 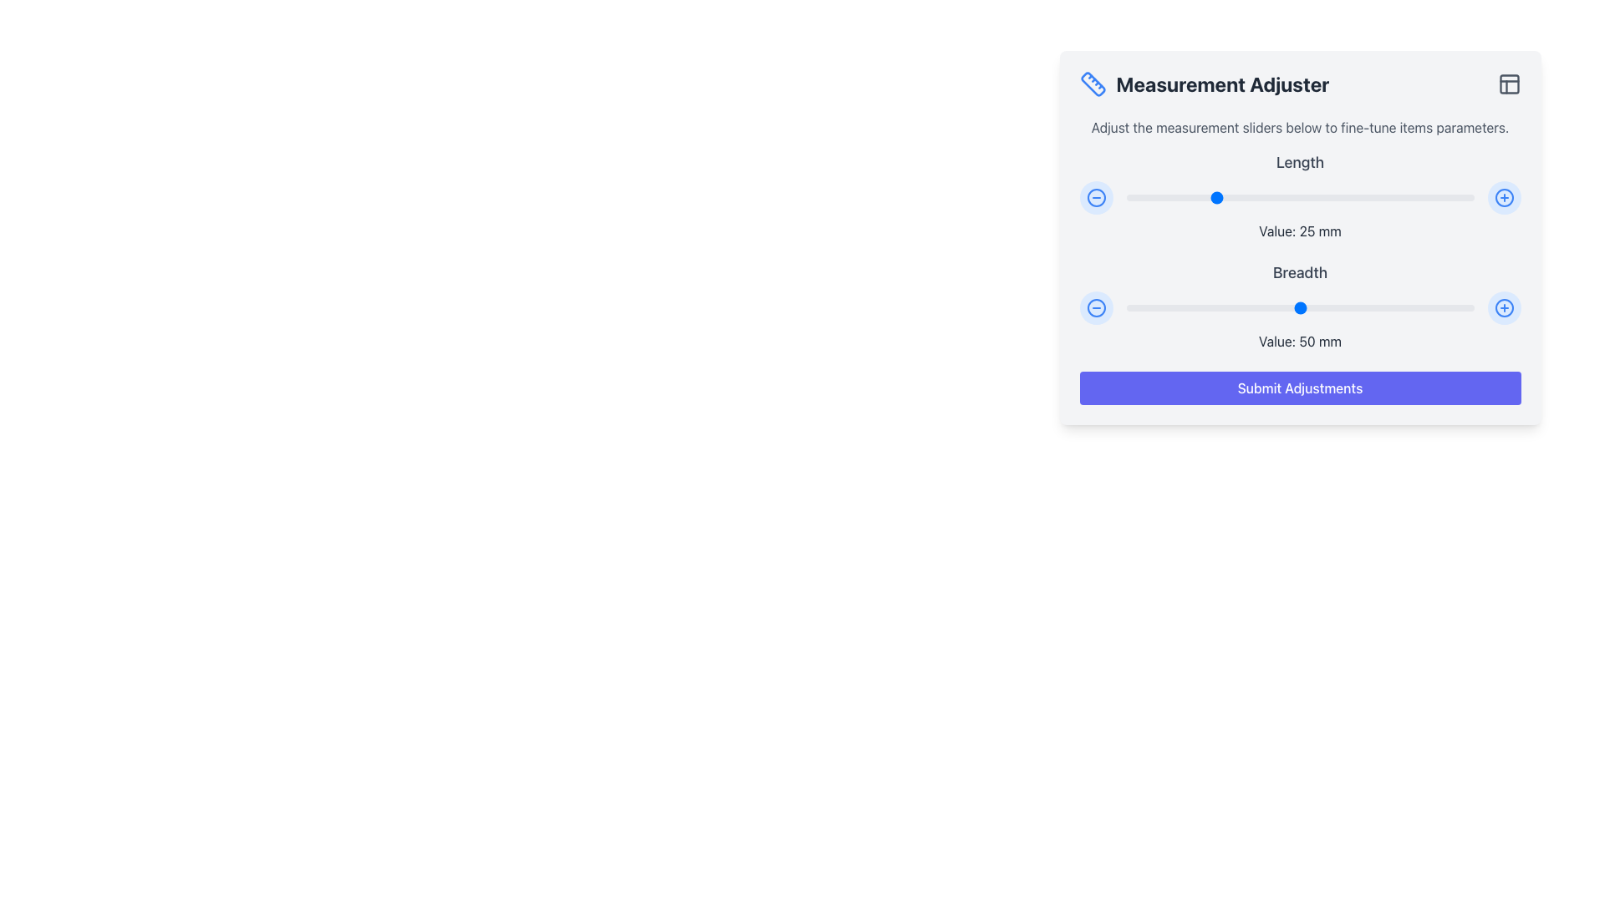 What do you see at coordinates (1509, 84) in the screenshot?
I see `the square icon button depicting a window-like illustration with a dark gray border and light gray fill, located in the top-right corner of the 'Measurement Adjuster' panel` at bounding box center [1509, 84].